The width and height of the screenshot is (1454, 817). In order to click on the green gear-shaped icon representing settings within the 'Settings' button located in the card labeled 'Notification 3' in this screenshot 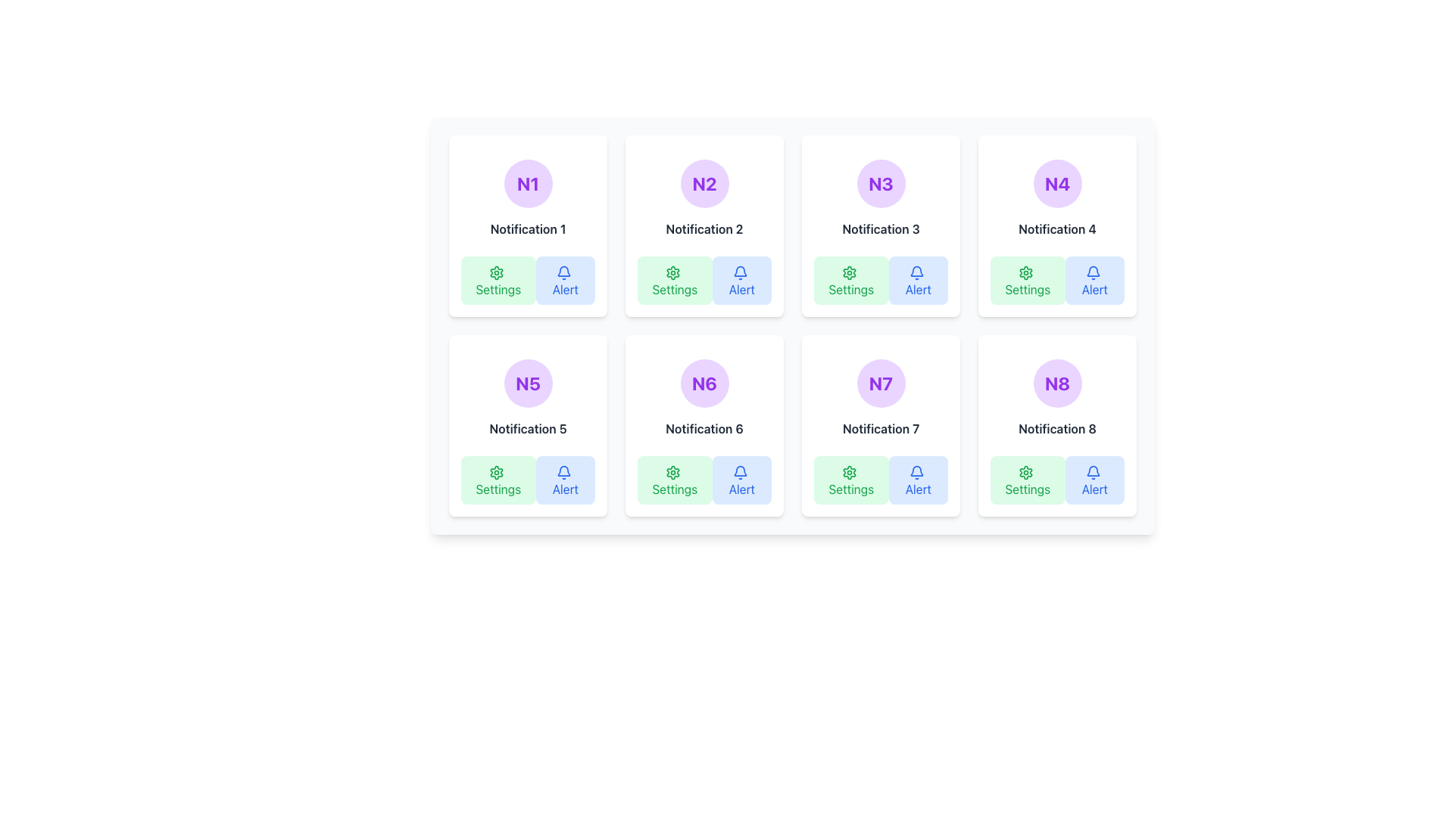, I will do `click(850, 272)`.